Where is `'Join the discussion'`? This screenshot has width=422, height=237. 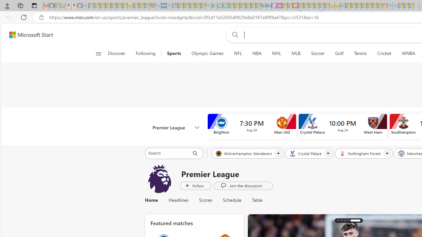
'Join the discussion' is located at coordinates (243, 185).